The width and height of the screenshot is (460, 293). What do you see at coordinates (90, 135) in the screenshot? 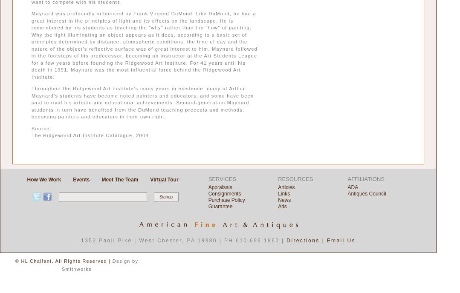
I see `'The Ridgewood Art Institute Catalogue, 2004'` at bounding box center [90, 135].